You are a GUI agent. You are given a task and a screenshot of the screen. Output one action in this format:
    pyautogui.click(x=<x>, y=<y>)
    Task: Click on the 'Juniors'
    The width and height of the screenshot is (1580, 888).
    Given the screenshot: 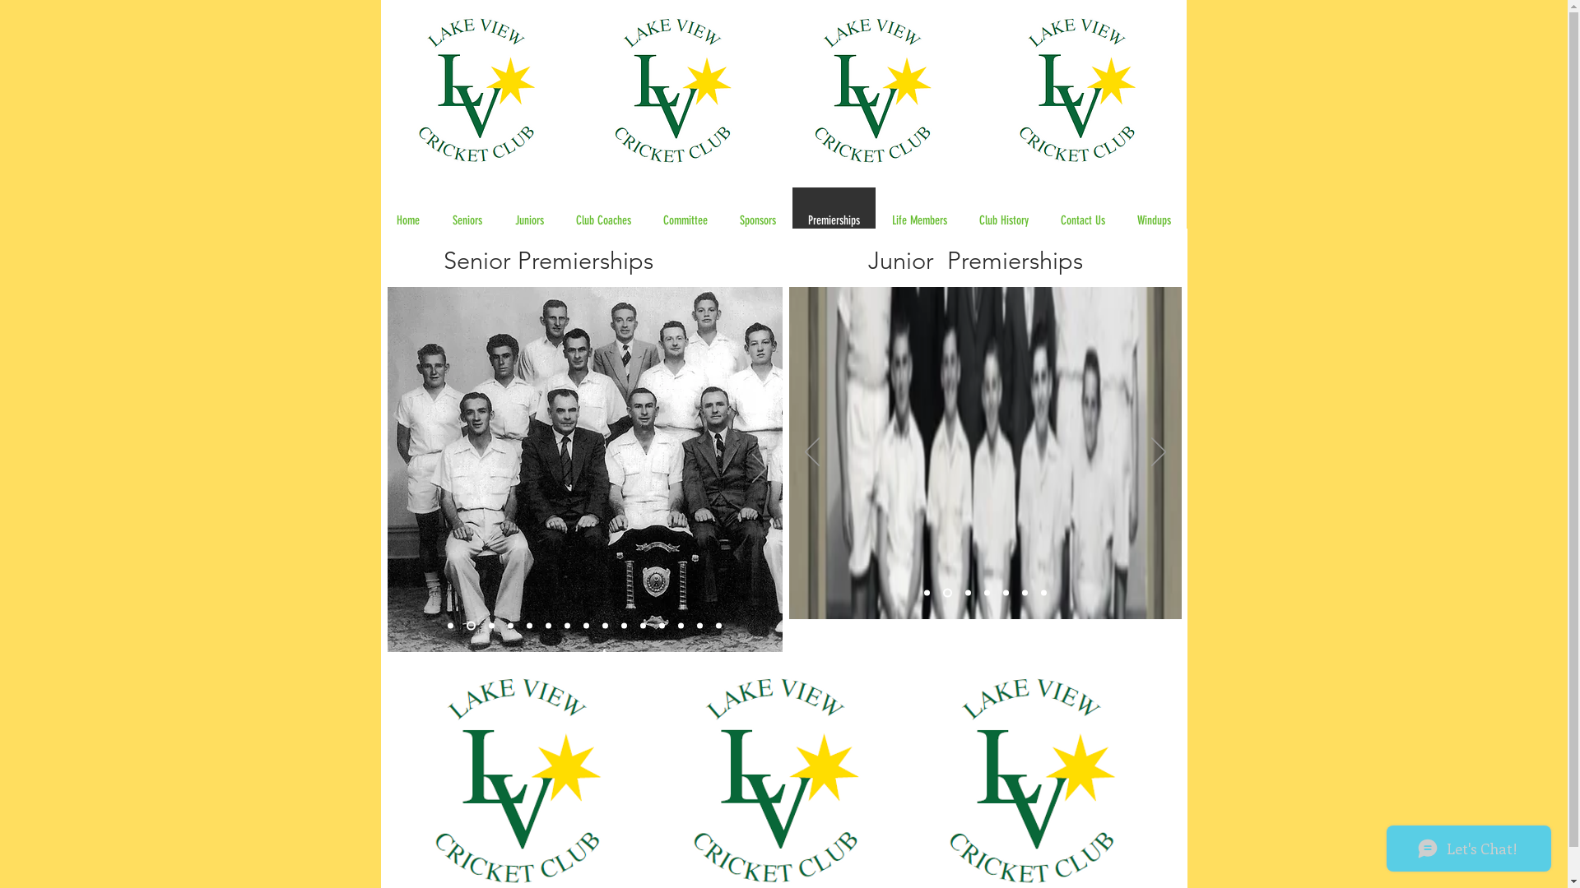 What is the action you would take?
    pyautogui.click(x=529, y=220)
    